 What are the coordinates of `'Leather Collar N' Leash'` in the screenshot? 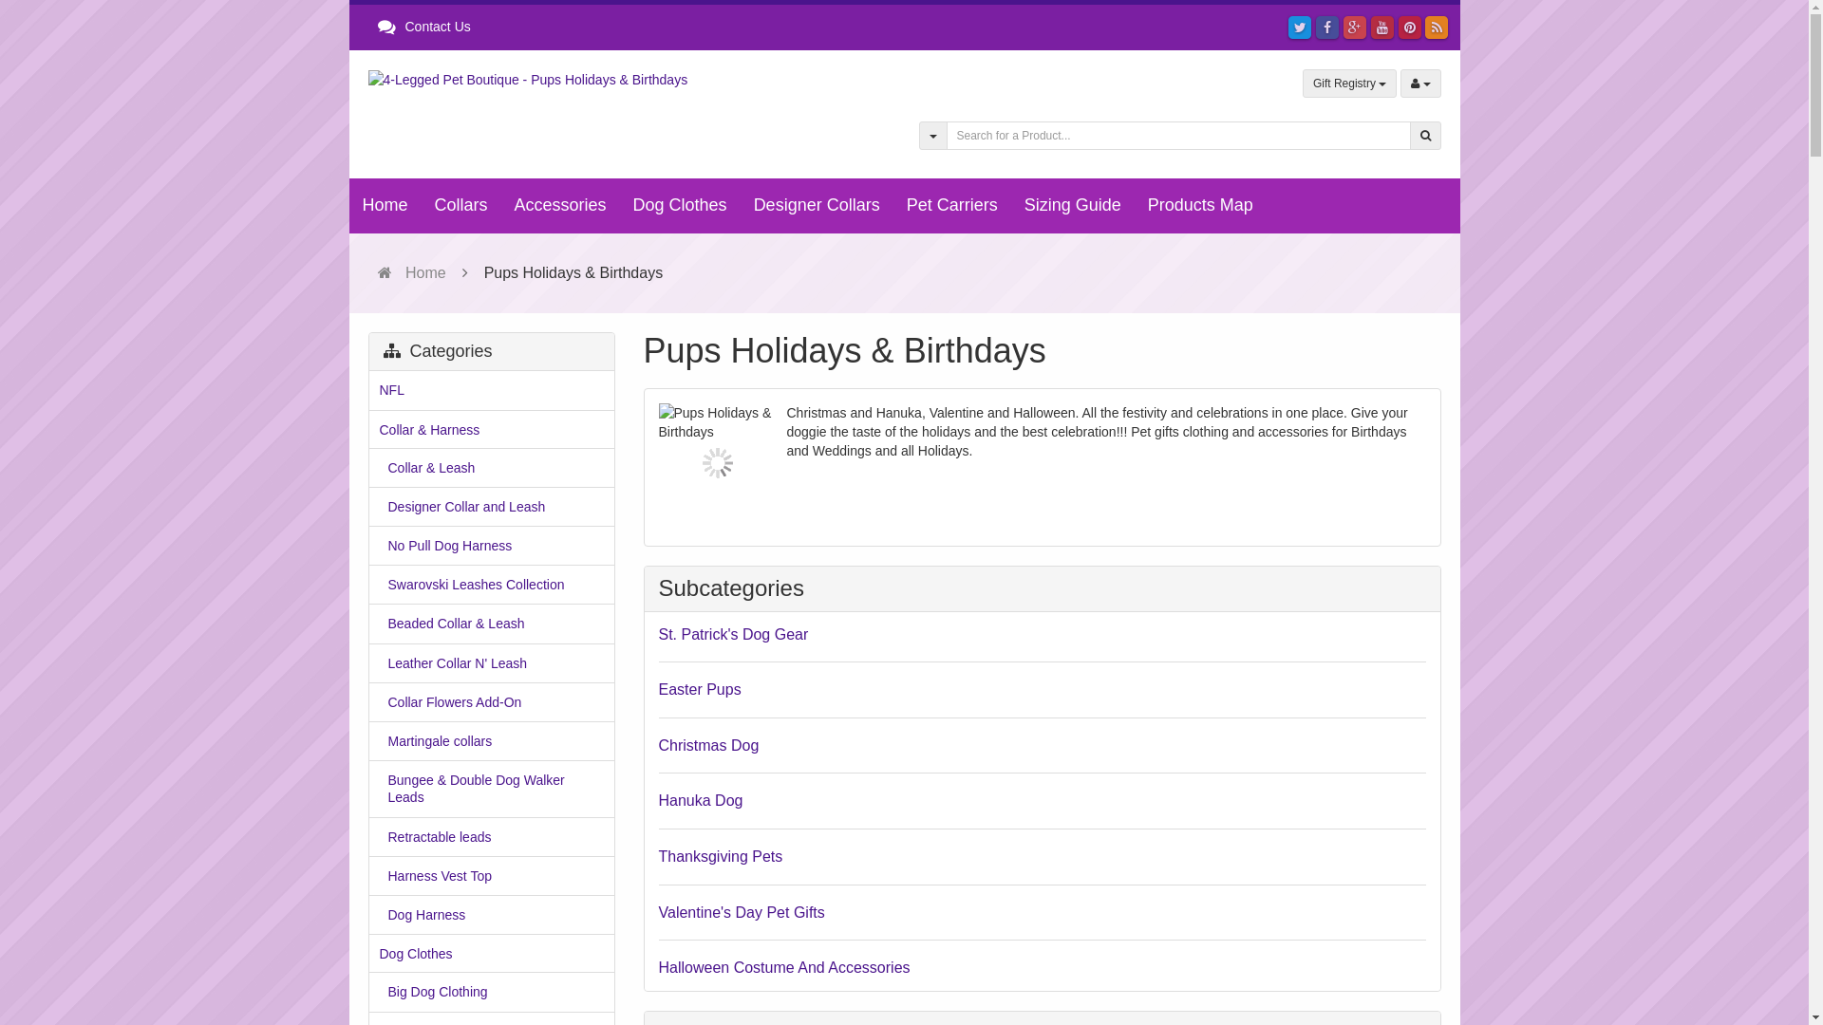 It's located at (368, 662).